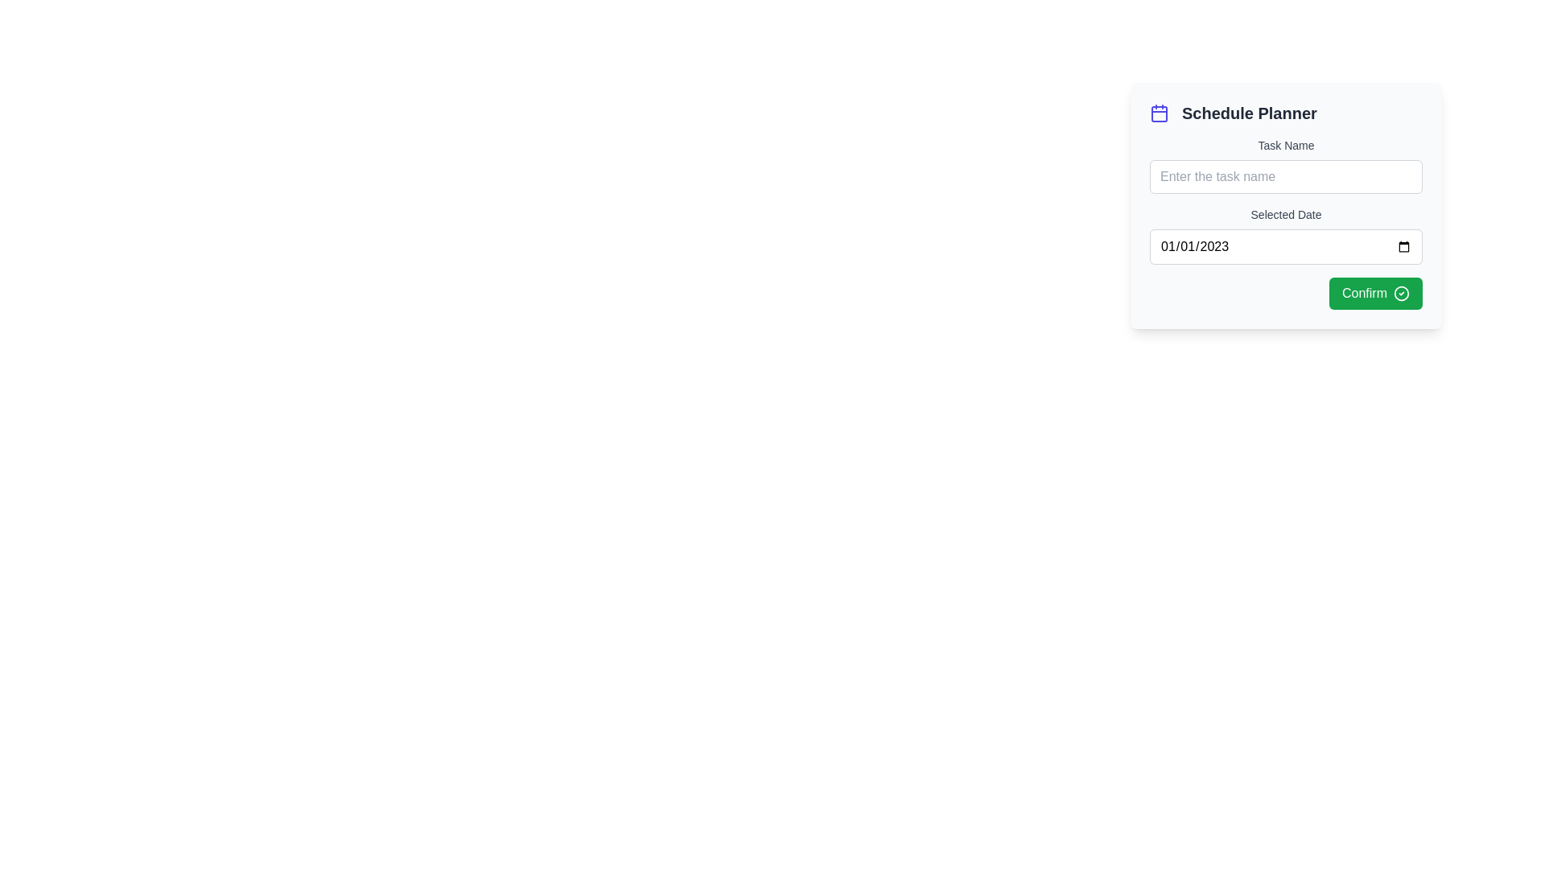 The image size is (1545, 869). I want to click on the circular icon representing a completed check action inside the 'Confirm' button located at the bottom-right corner of the card interface, so click(1401, 294).